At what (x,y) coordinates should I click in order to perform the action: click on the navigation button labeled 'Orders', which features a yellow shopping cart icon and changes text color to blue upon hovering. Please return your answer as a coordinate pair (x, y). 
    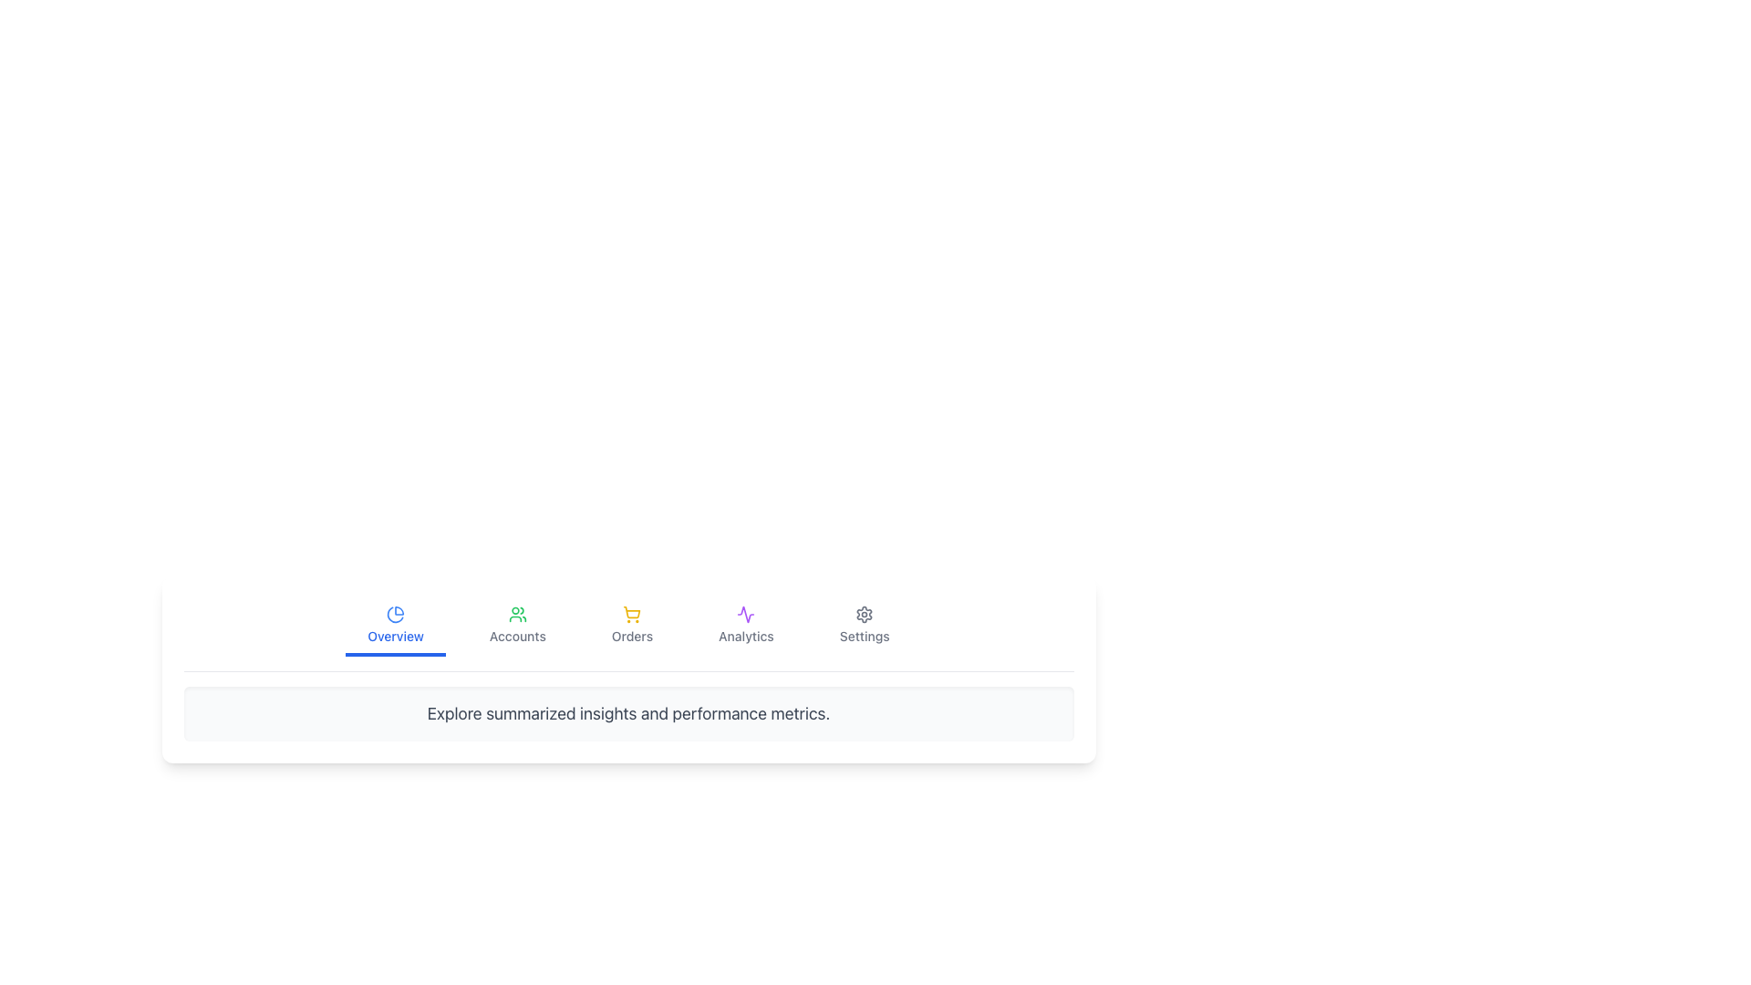
    Looking at the image, I should click on (632, 626).